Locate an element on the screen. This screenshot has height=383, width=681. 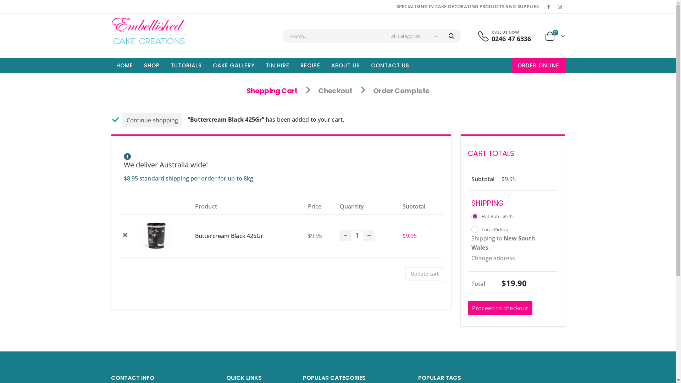
'TIN HIRE' is located at coordinates (277, 66).